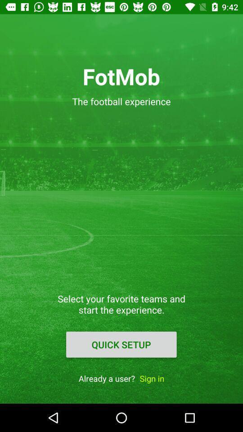 Image resolution: width=243 pixels, height=432 pixels. Describe the element at coordinates (121, 344) in the screenshot. I see `quick setup icon` at that location.